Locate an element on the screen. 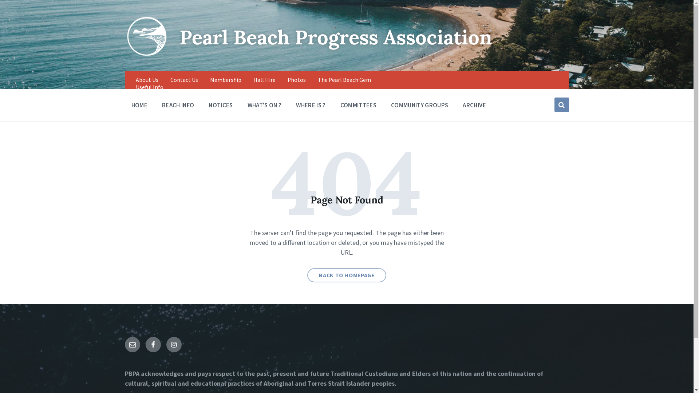  'The Pearl Beach Gem' is located at coordinates (344, 80).